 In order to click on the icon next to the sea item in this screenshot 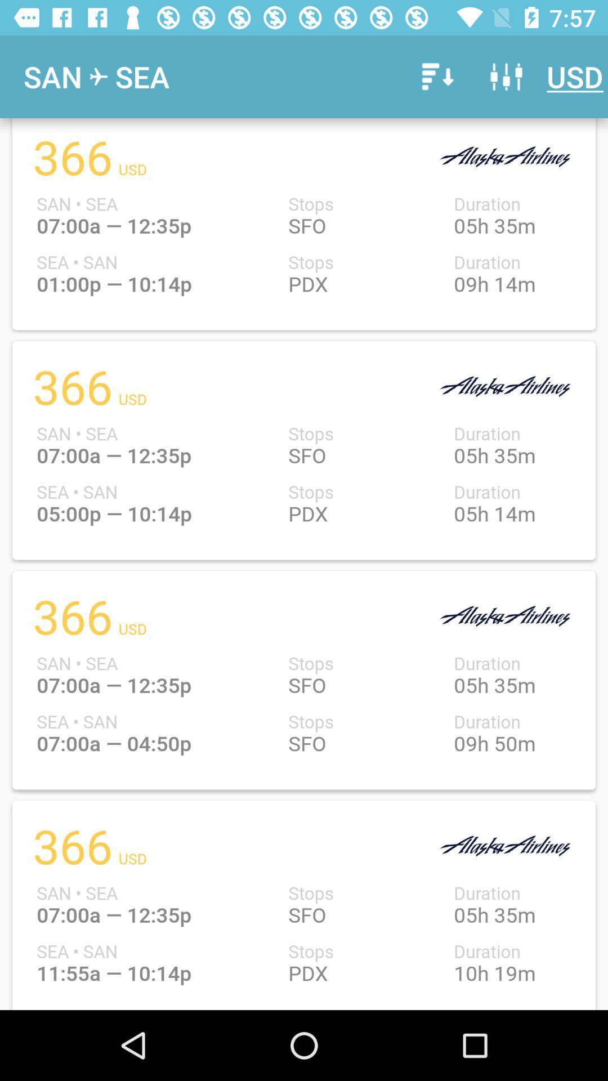, I will do `click(435, 76)`.